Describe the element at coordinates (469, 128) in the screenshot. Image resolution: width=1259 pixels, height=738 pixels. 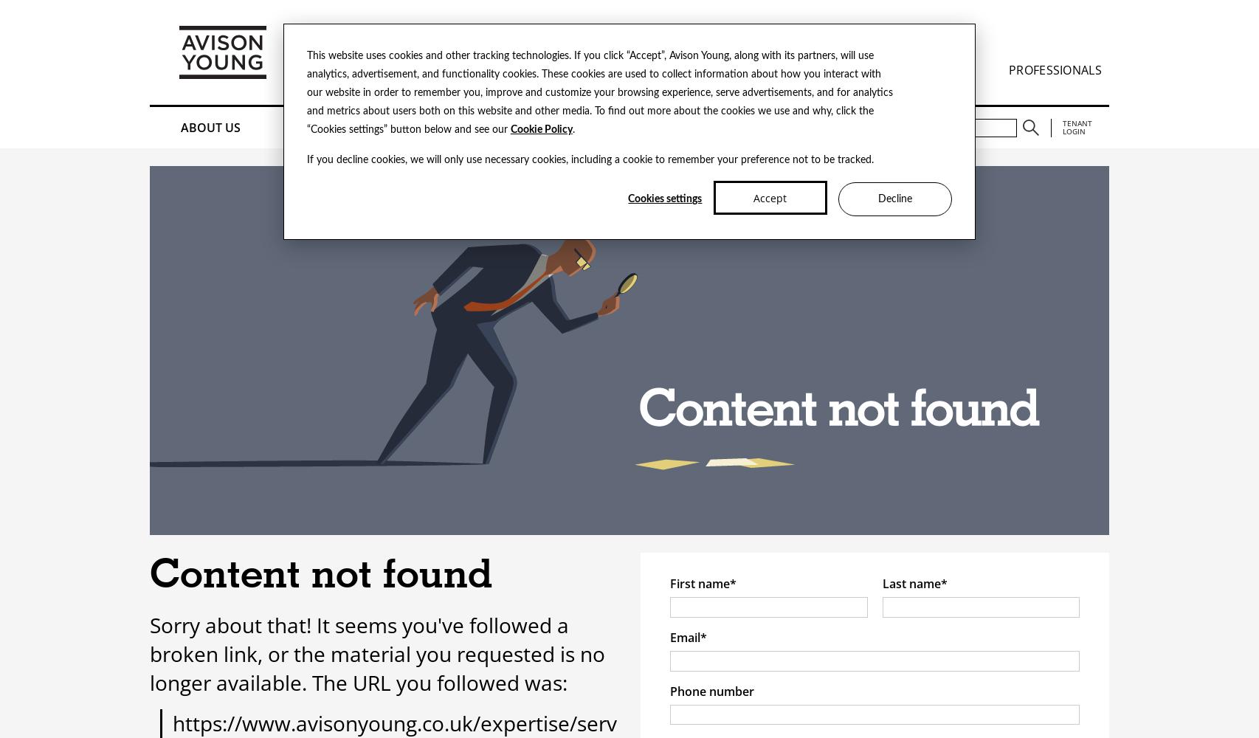
I see `'Thought Capital'` at that location.